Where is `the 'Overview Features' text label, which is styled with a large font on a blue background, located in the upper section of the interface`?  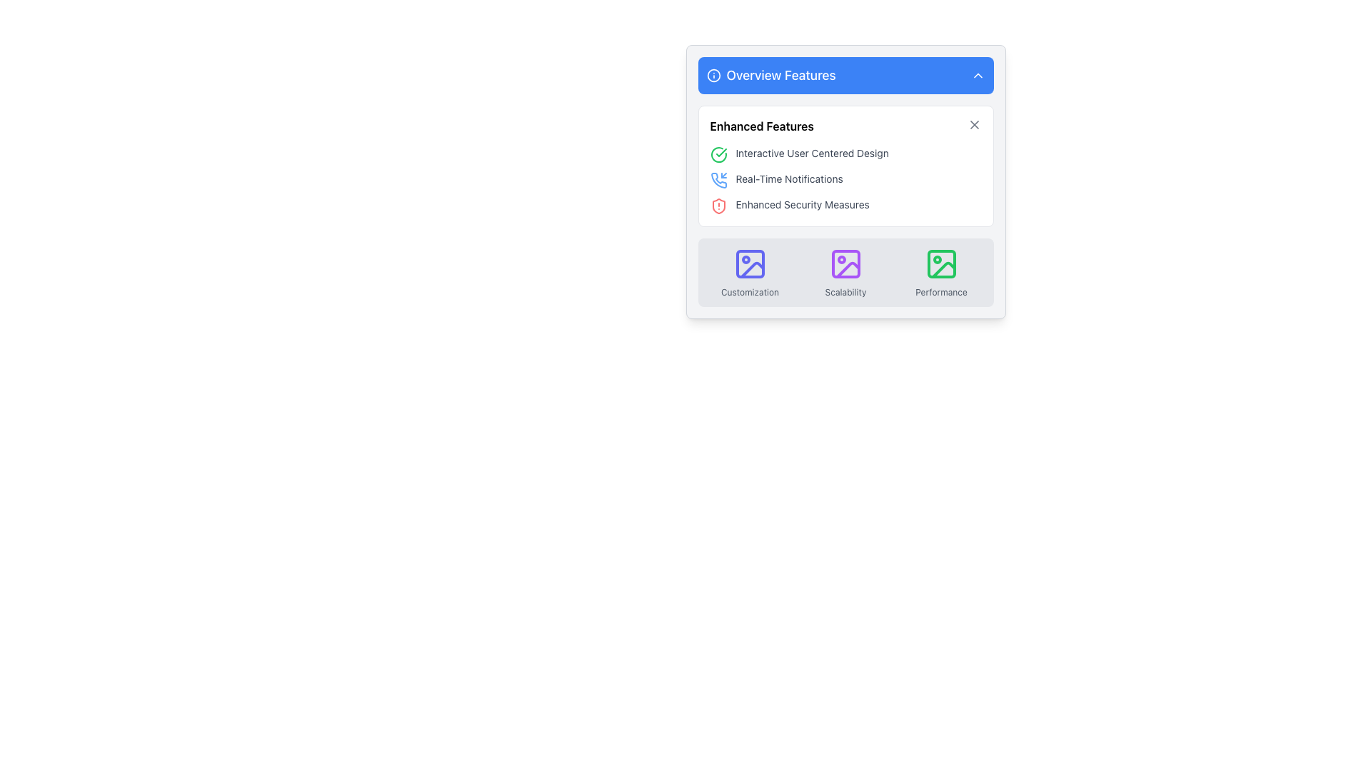 the 'Overview Features' text label, which is styled with a large font on a blue background, located in the upper section of the interface is located at coordinates (780, 75).